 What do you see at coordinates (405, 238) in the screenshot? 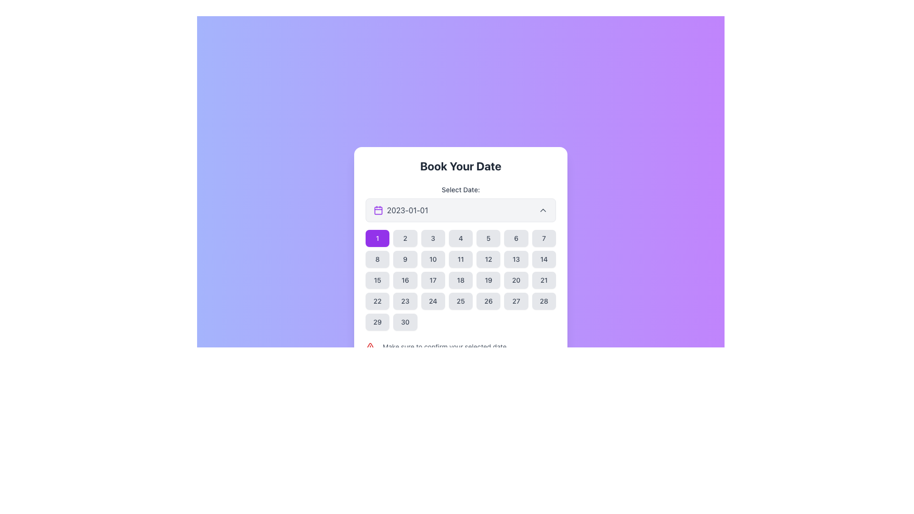
I see `the rounded rectangle button labeled '2'` at bounding box center [405, 238].